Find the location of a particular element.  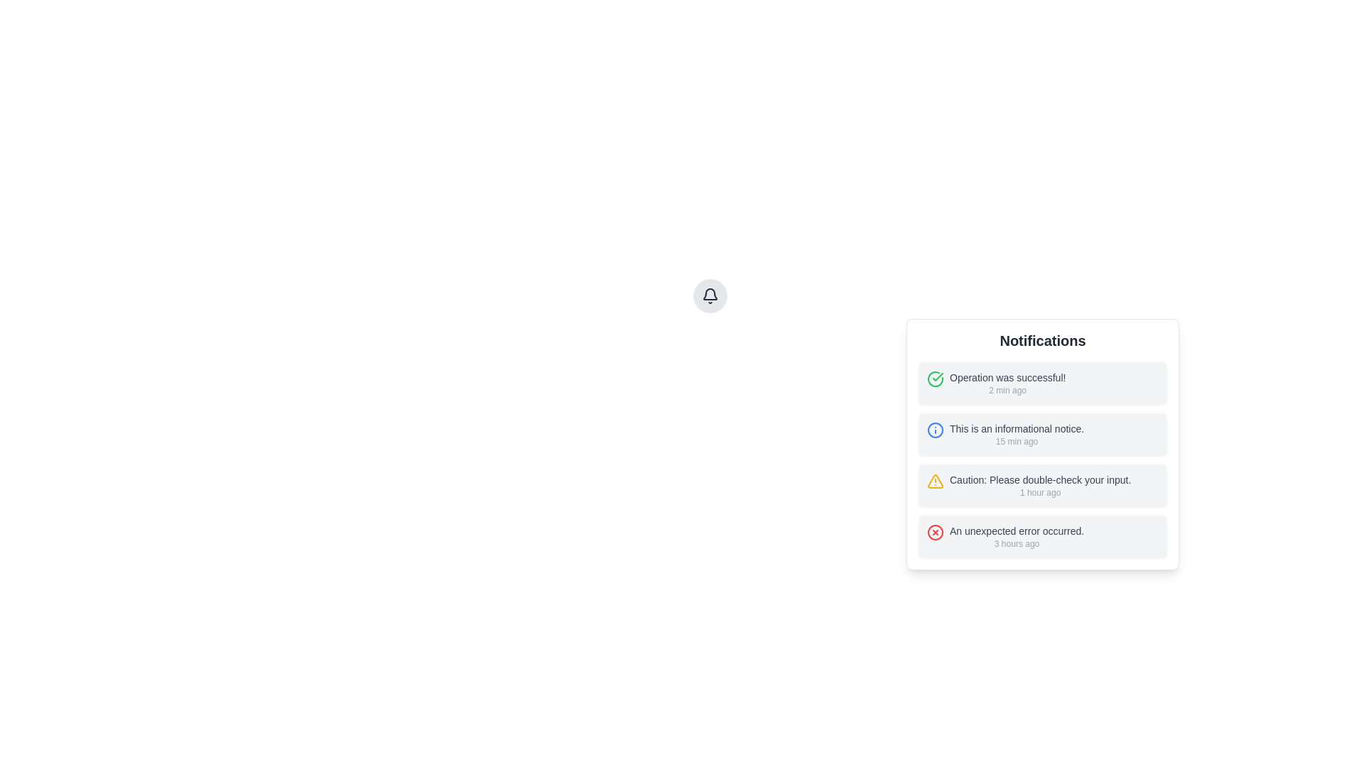

the notification item that contains a yellow warning triangle icon and the message 'Caution: Please double-check your input.' is located at coordinates (1043, 484).